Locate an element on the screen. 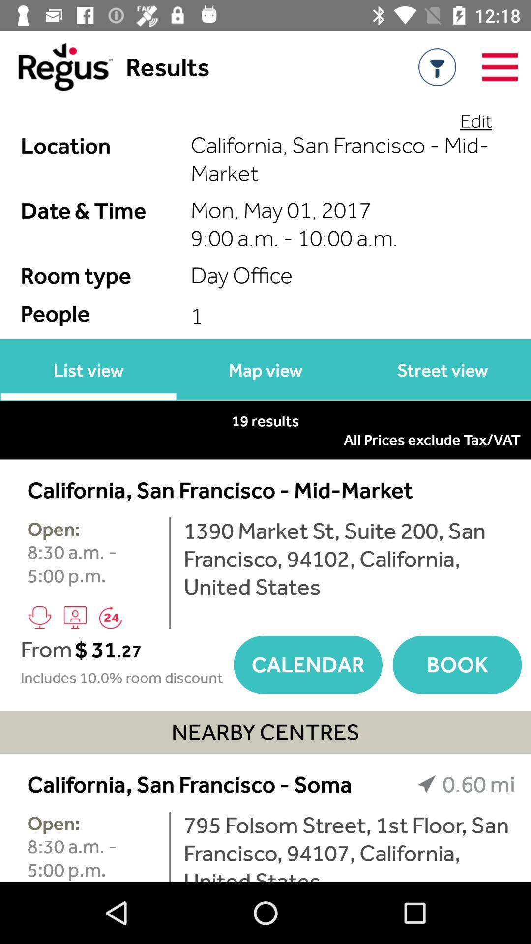 Image resolution: width=531 pixels, height=944 pixels. icon to the left of the 795 folsom street is located at coordinates (169, 846).